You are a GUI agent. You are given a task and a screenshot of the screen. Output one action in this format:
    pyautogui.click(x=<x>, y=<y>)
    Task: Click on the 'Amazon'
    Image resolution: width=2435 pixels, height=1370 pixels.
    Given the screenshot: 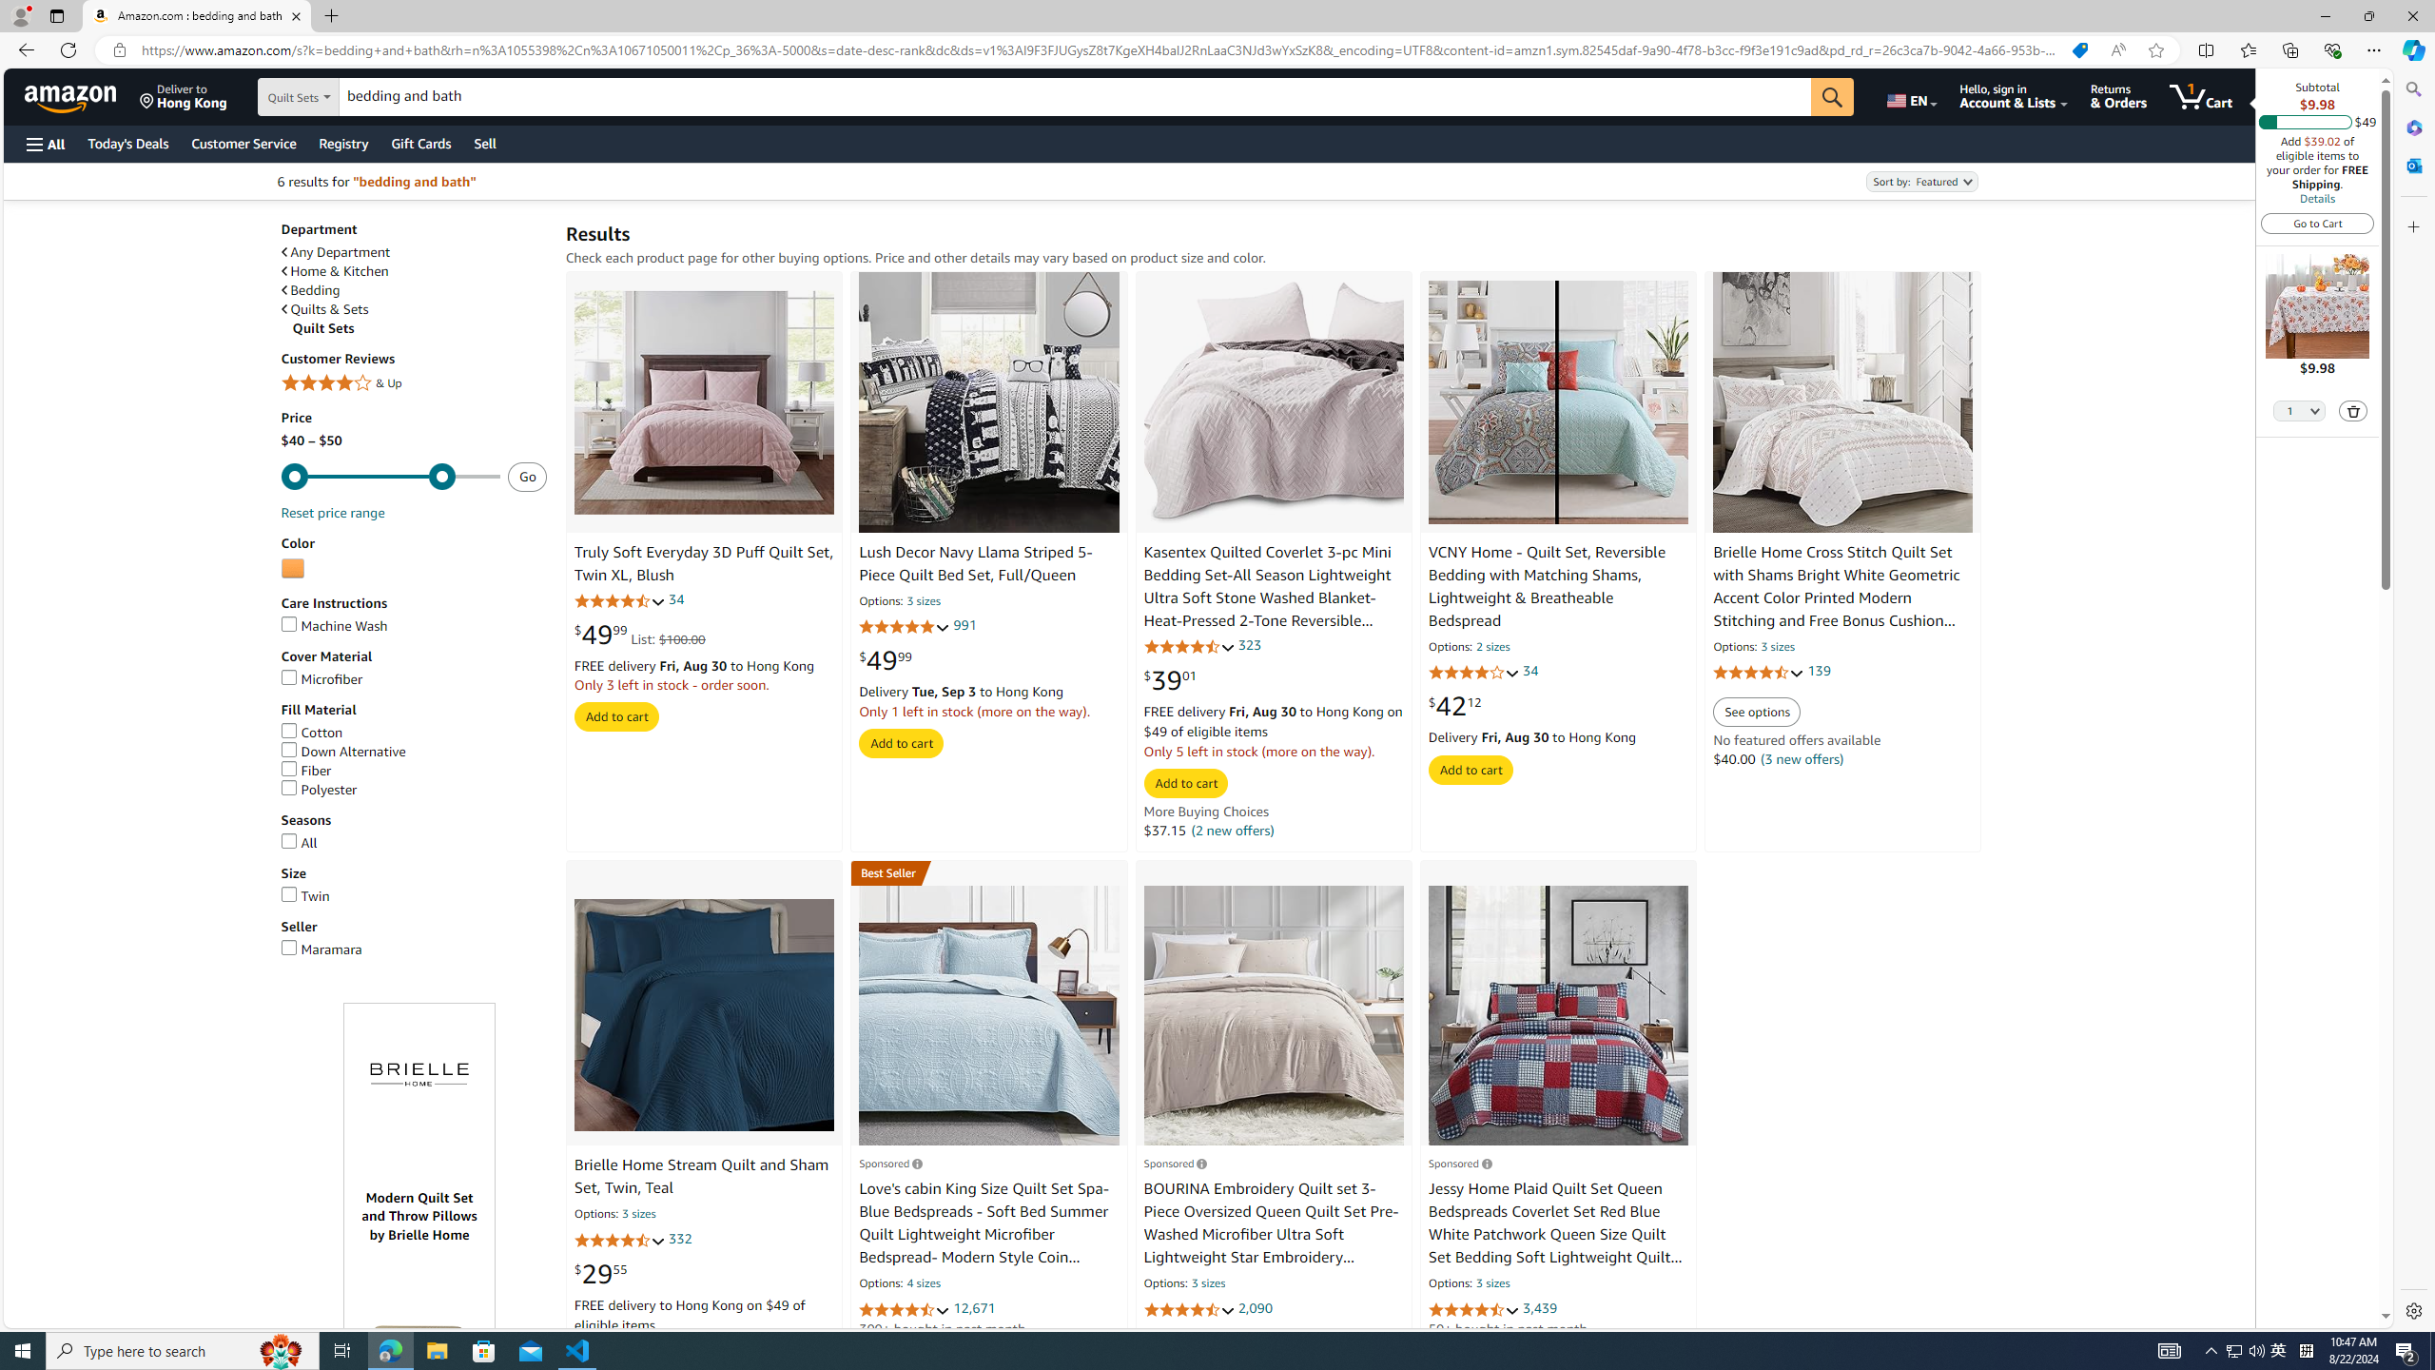 What is the action you would take?
    pyautogui.click(x=72, y=95)
    